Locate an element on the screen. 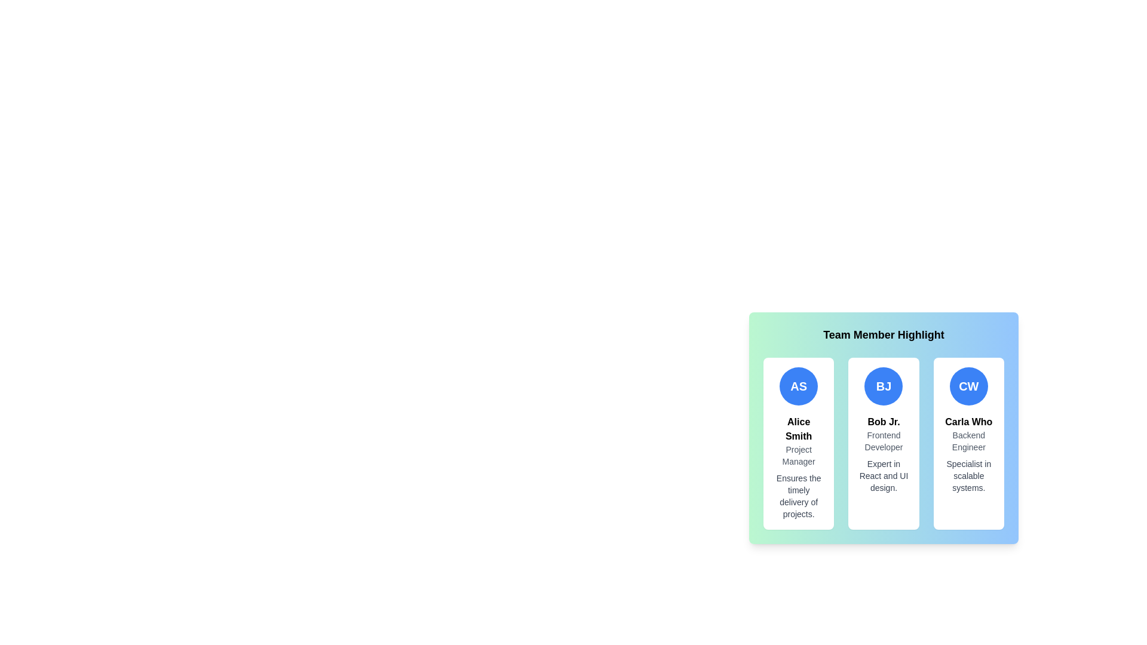 This screenshot has height=645, width=1147. the text label displaying 'Alice Smith' is located at coordinates (799, 428).